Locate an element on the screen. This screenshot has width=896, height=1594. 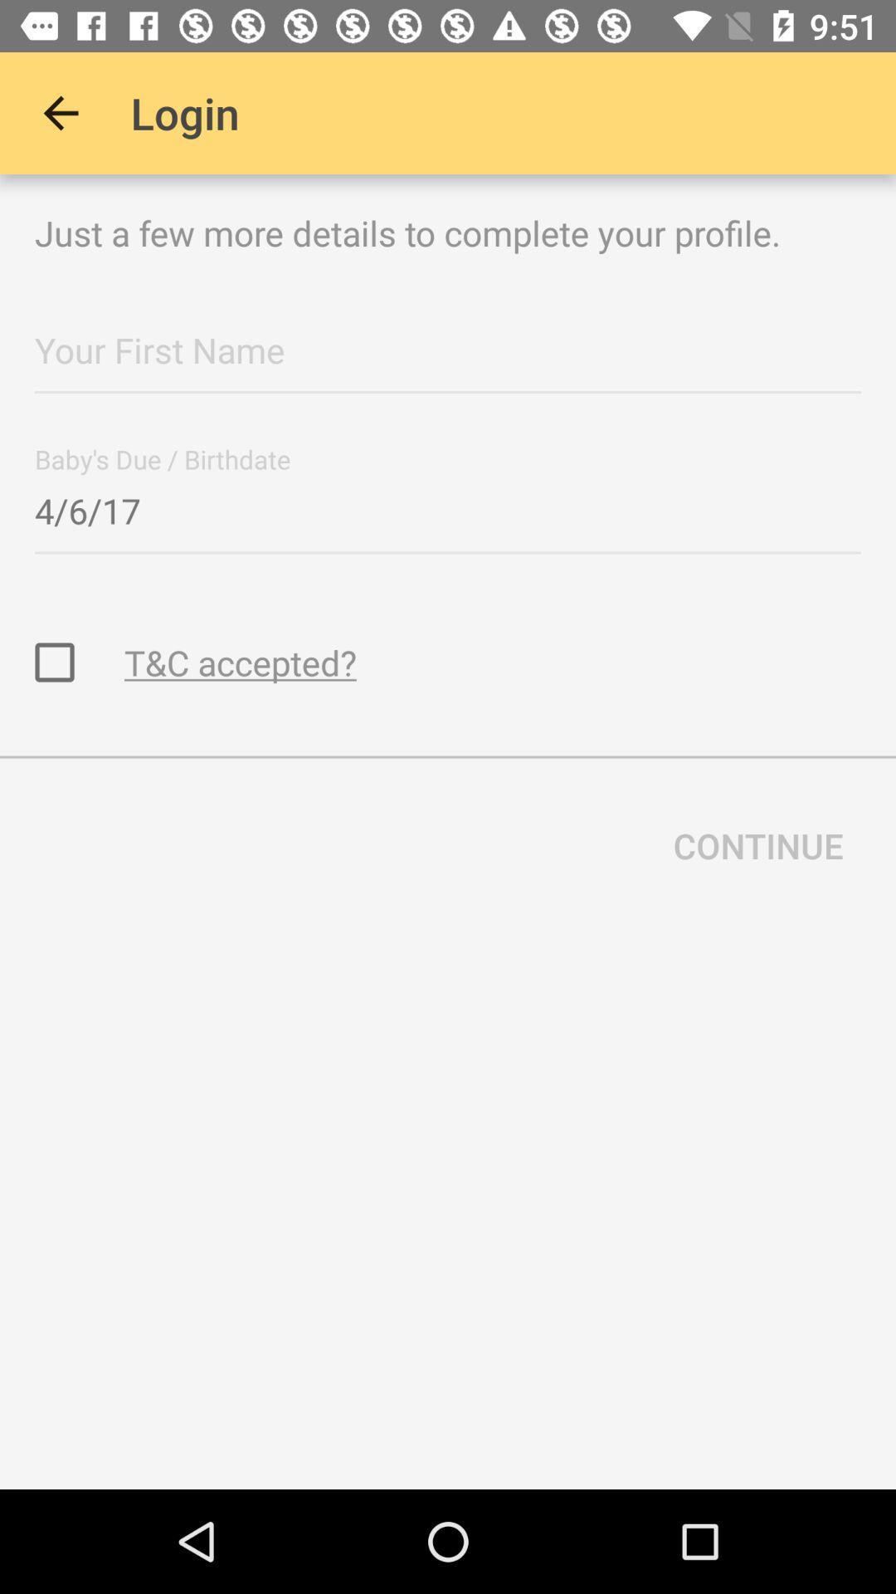
item to the left of login icon is located at coordinates (60, 112).